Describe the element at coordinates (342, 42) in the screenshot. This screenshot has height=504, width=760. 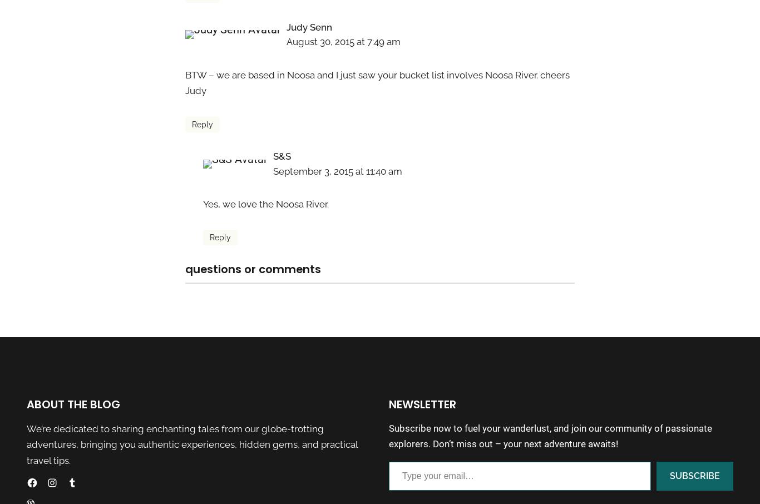
I see `'August 30, 2015 at 7:49 am'` at that location.